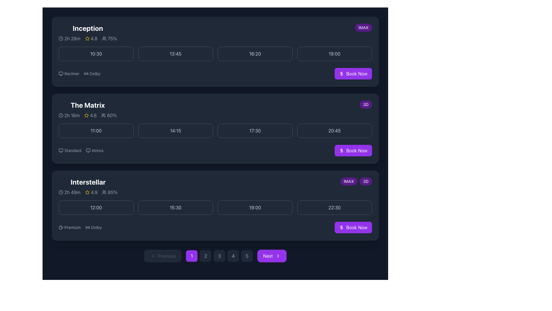 The width and height of the screenshot is (552, 311). What do you see at coordinates (365, 104) in the screenshot?
I see `the 3D Badge indicating that 'The Matrix' movie is available in 3D format, located next to the movie details box and above the 'Book Now' button` at bounding box center [365, 104].